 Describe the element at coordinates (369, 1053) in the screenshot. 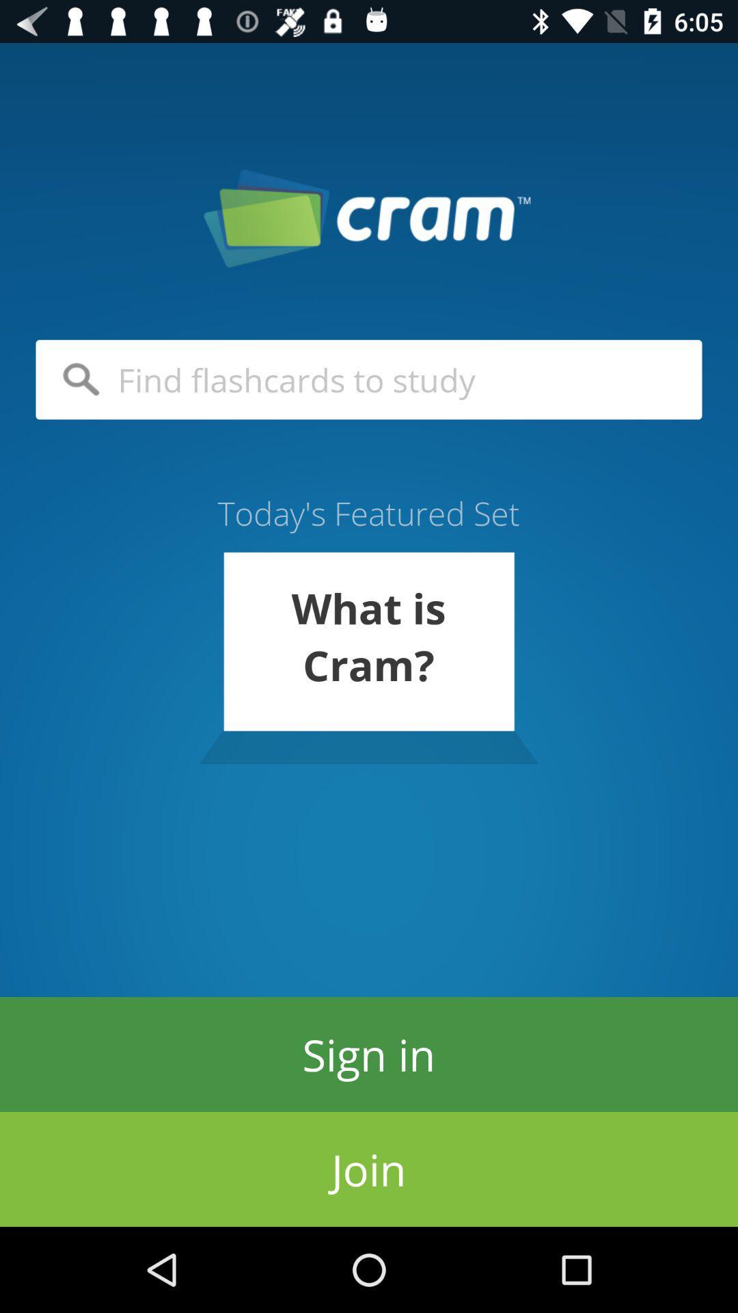

I see `the sign in item` at that location.